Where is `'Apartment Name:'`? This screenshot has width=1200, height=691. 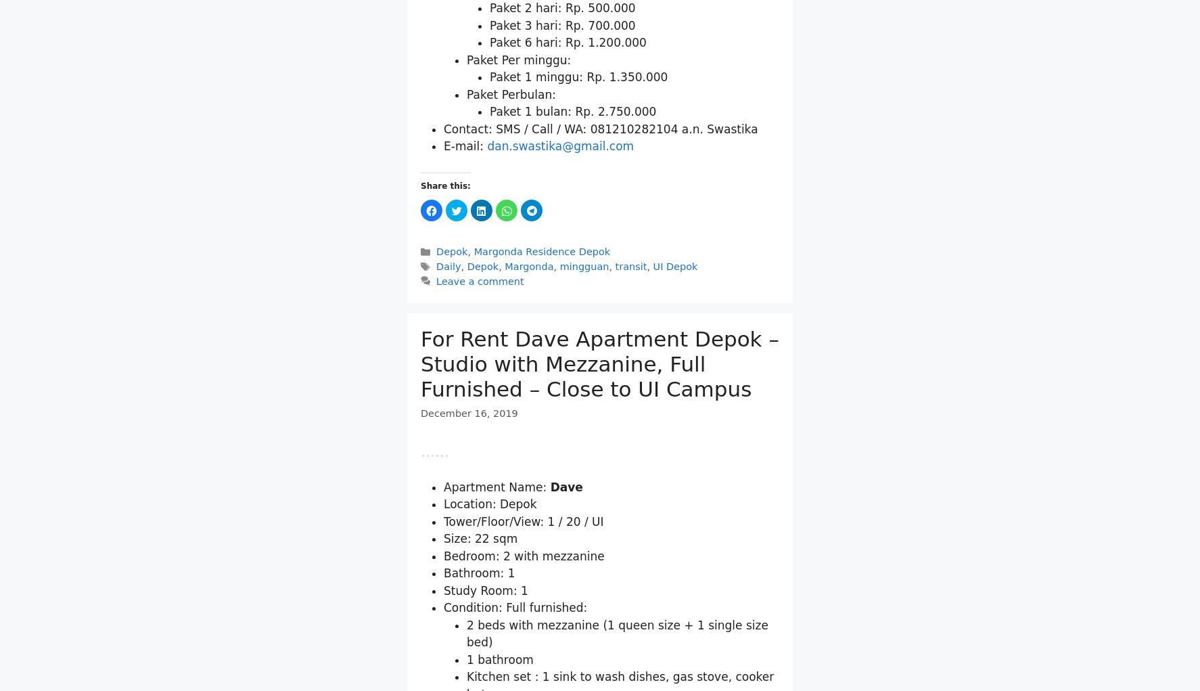 'Apartment Name:' is located at coordinates (444, 644).